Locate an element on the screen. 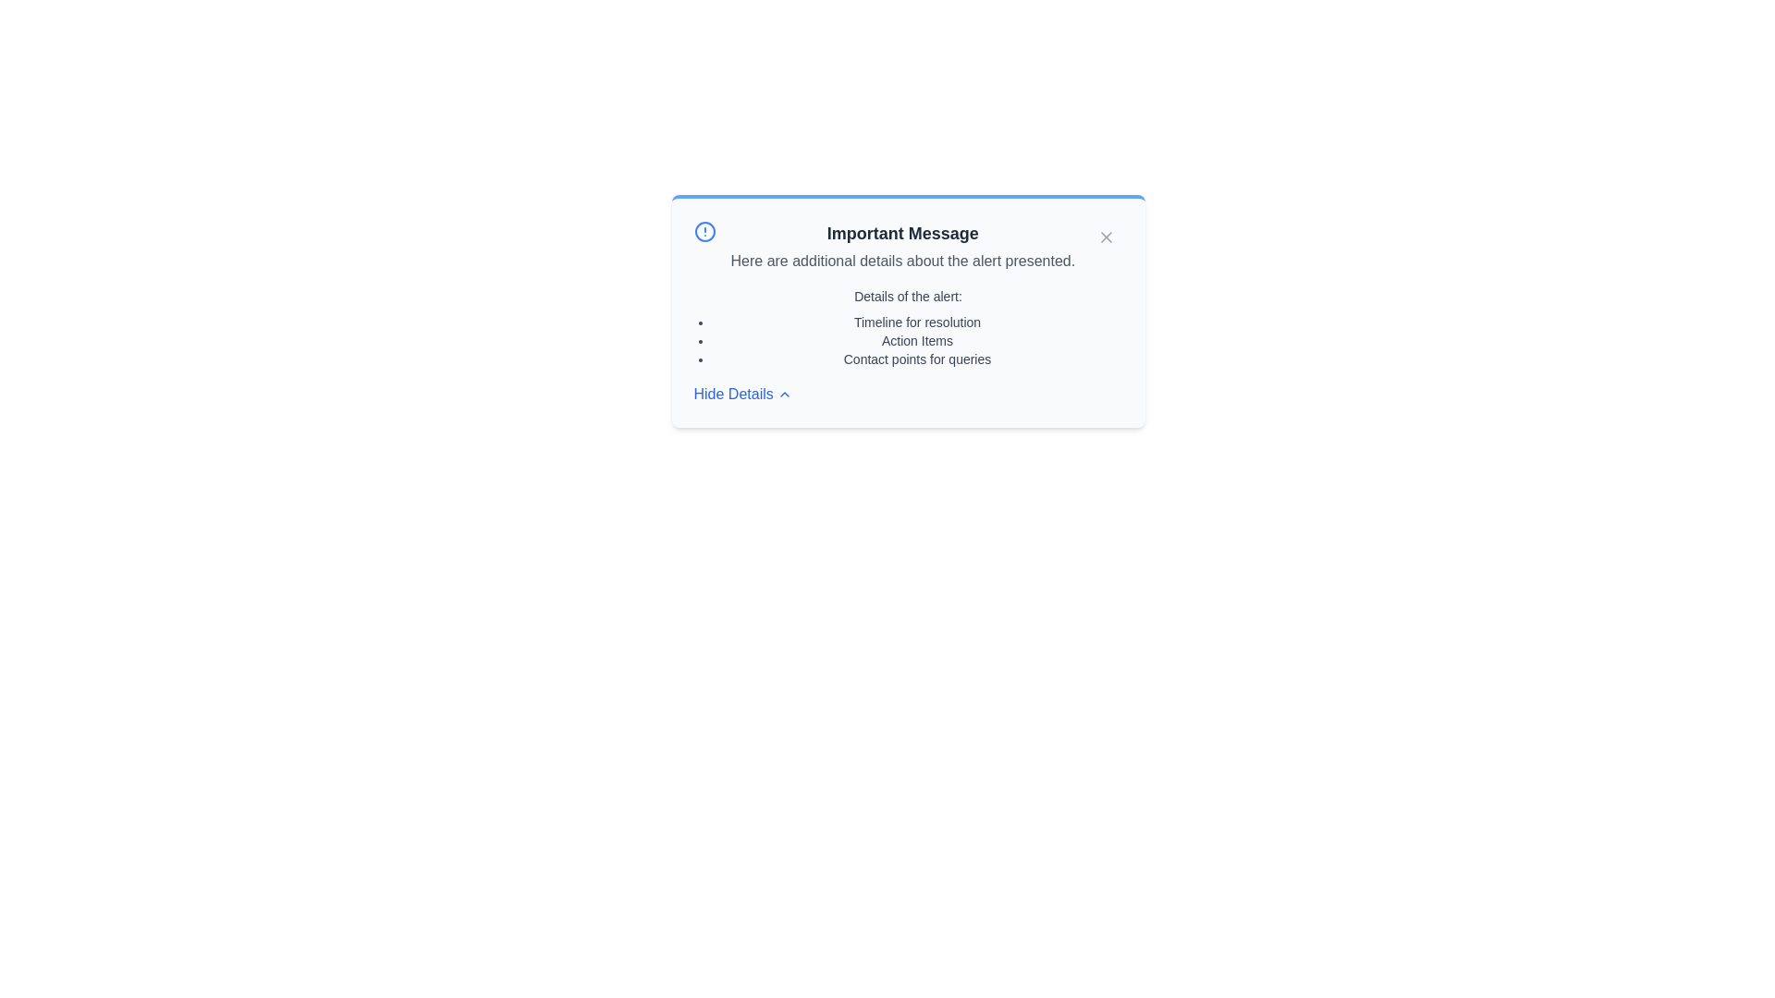 The height and width of the screenshot is (998, 1775). the first bullet-point text label that describes the content of the list item under 'Details of the alert:' is located at coordinates (917, 321).